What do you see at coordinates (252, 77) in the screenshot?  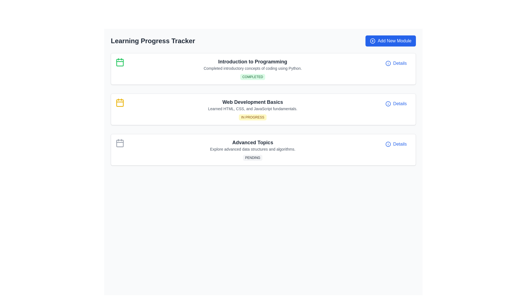 I see `the green-labeled badge displaying 'COMPLETED' with a light green background and dark green text, located at the bottom-right section of the 'Introduction to Programming' card` at bounding box center [252, 77].